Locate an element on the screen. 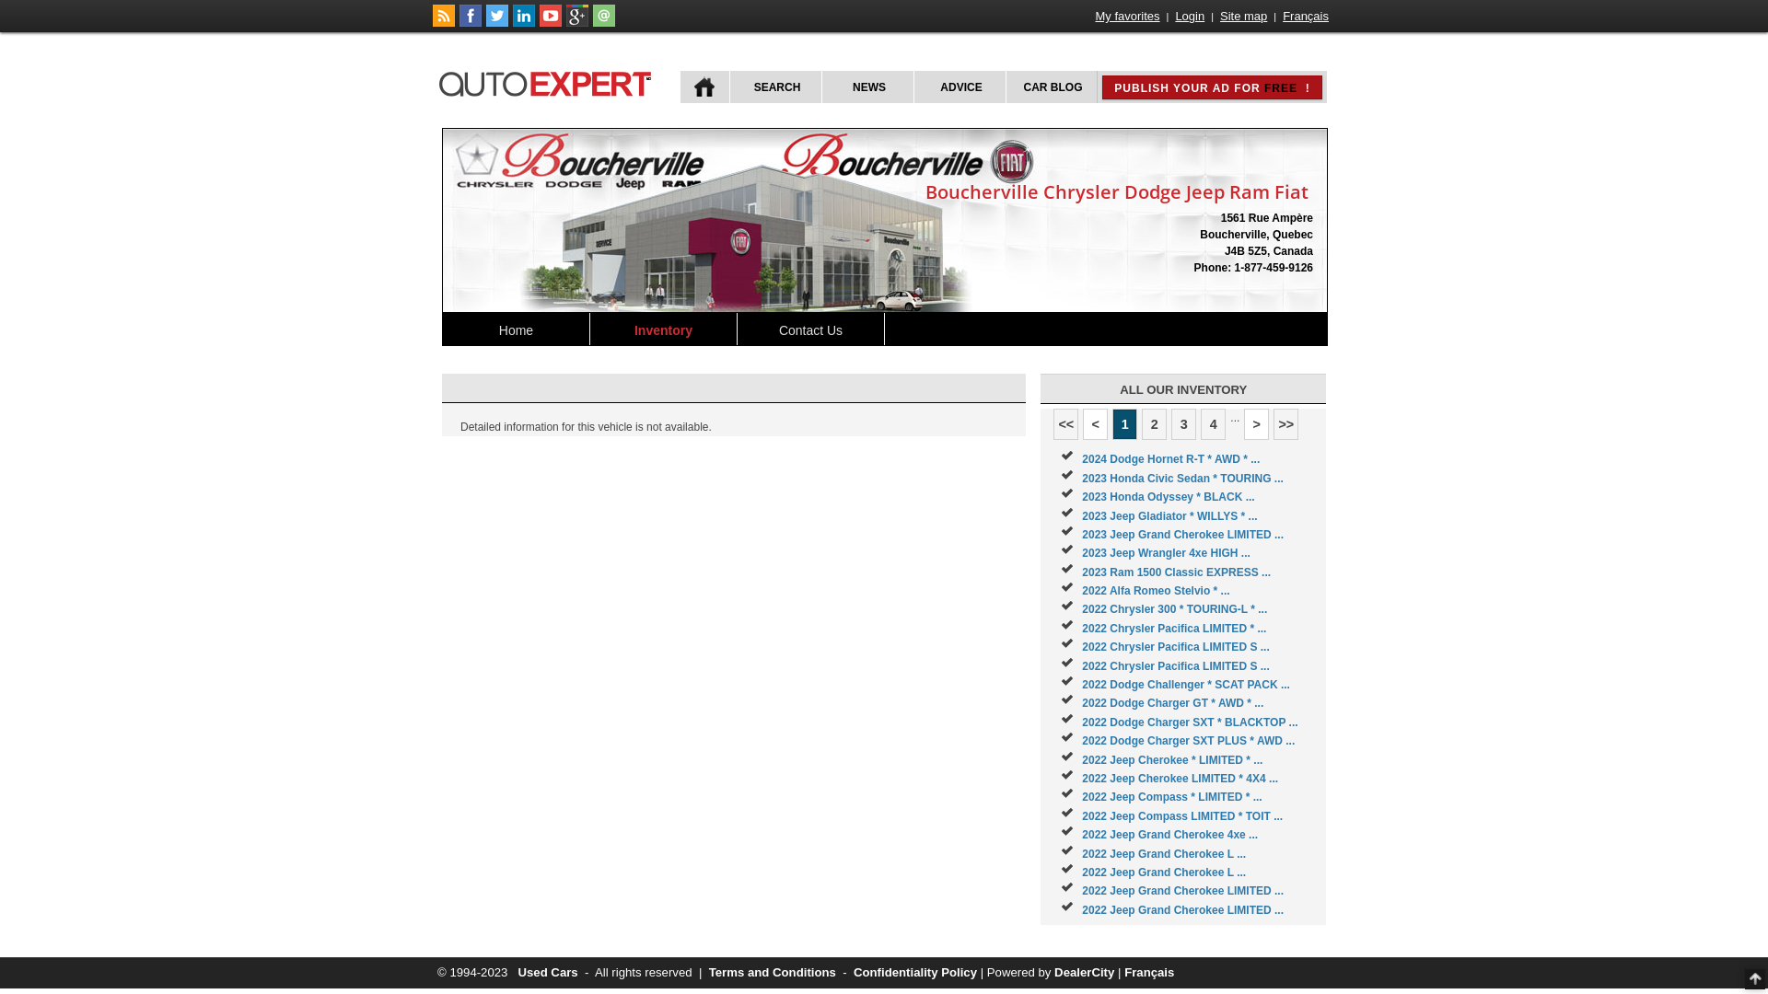  'Site map' is located at coordinates (1243, 16).